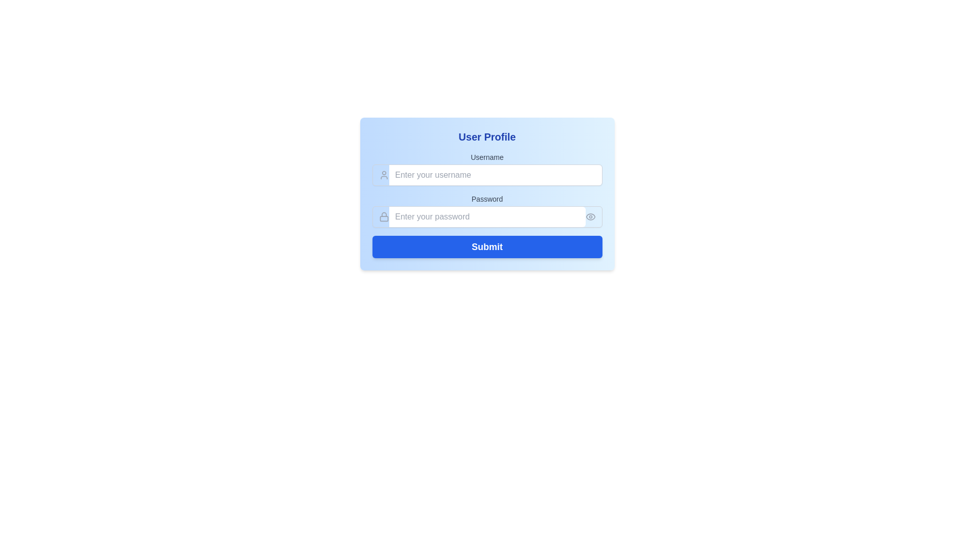  I want to click on the password input field labeled 'Password' to focus on it, so click(486, 210).